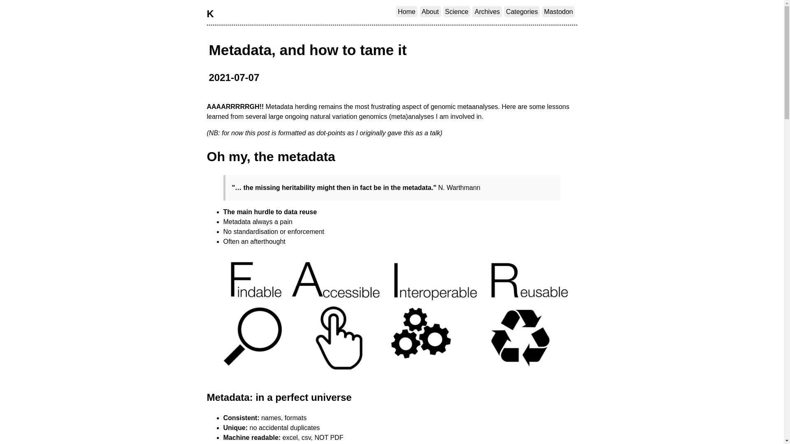 Image resolution: width=790 pixels, height=444 pixels. I want to click on 'About', so click(419, 12).